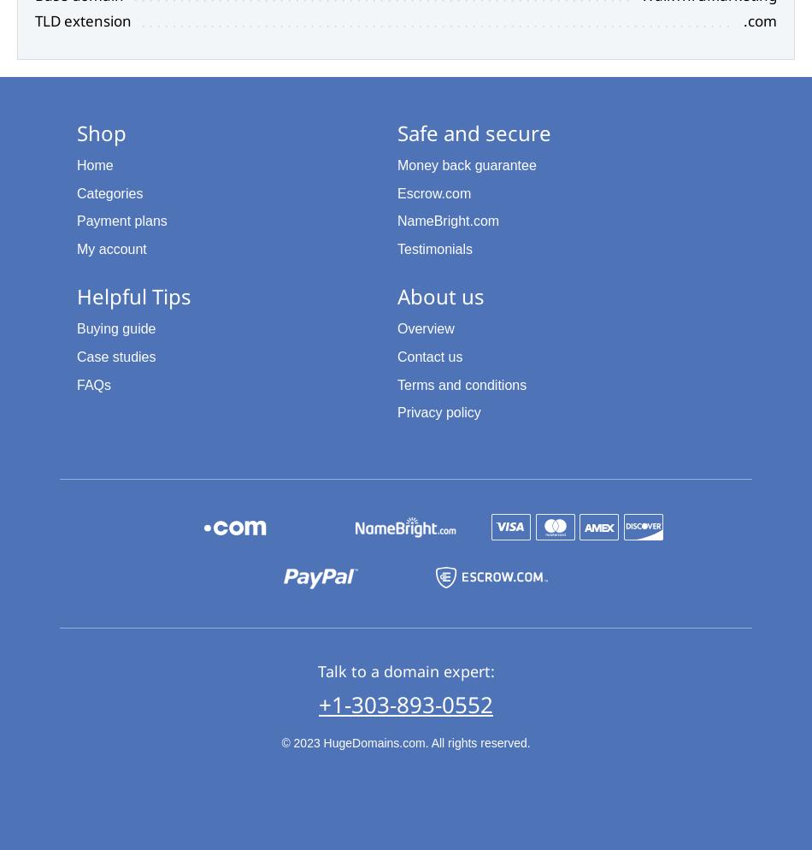 The height and width of the screenshot is (850, 812). I want to click on 'FAQs', so click(94, 384).